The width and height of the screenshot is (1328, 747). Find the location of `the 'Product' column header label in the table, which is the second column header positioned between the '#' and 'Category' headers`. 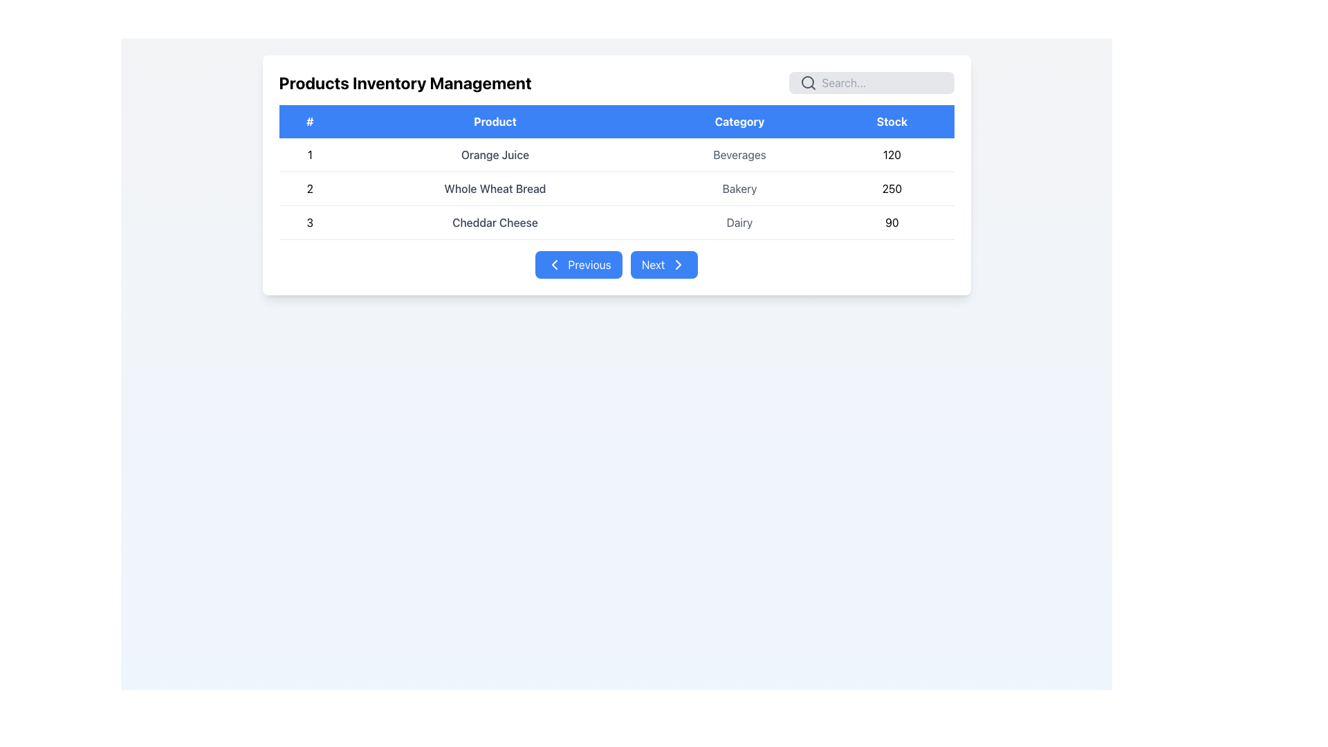

the 'Product' column header label in the table, which is the second column header positioned between the '#' and 'Category' headers is located at coordinates (495, 121).